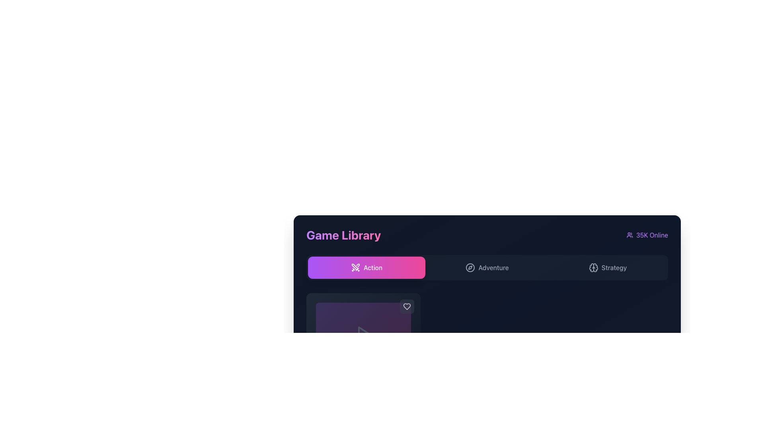  Describe the element at coordinates (470, 268) in the screenshot. I see `the circular compass icon within the 'Adventure' menu item, which is located between the 'Action' and 'Strategy' menu items` at that location.